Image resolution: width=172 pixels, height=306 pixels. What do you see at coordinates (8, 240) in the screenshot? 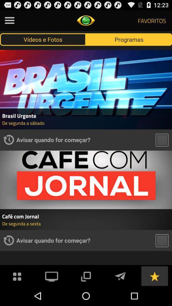
I see `app next to avisar quando for app` at bounding box center [8, 240].